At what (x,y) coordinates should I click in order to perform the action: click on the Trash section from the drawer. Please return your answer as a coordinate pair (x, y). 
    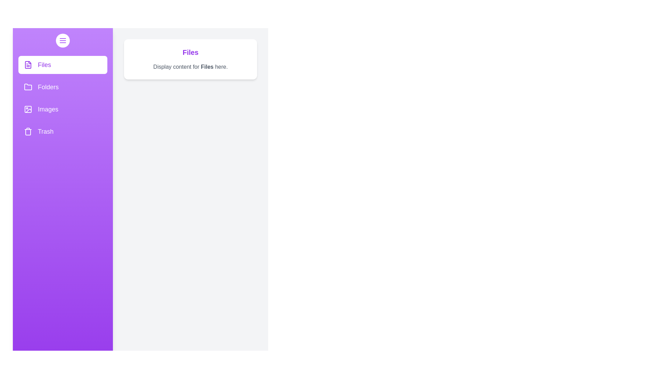
    Looking at the image, I should click on (63, 131).